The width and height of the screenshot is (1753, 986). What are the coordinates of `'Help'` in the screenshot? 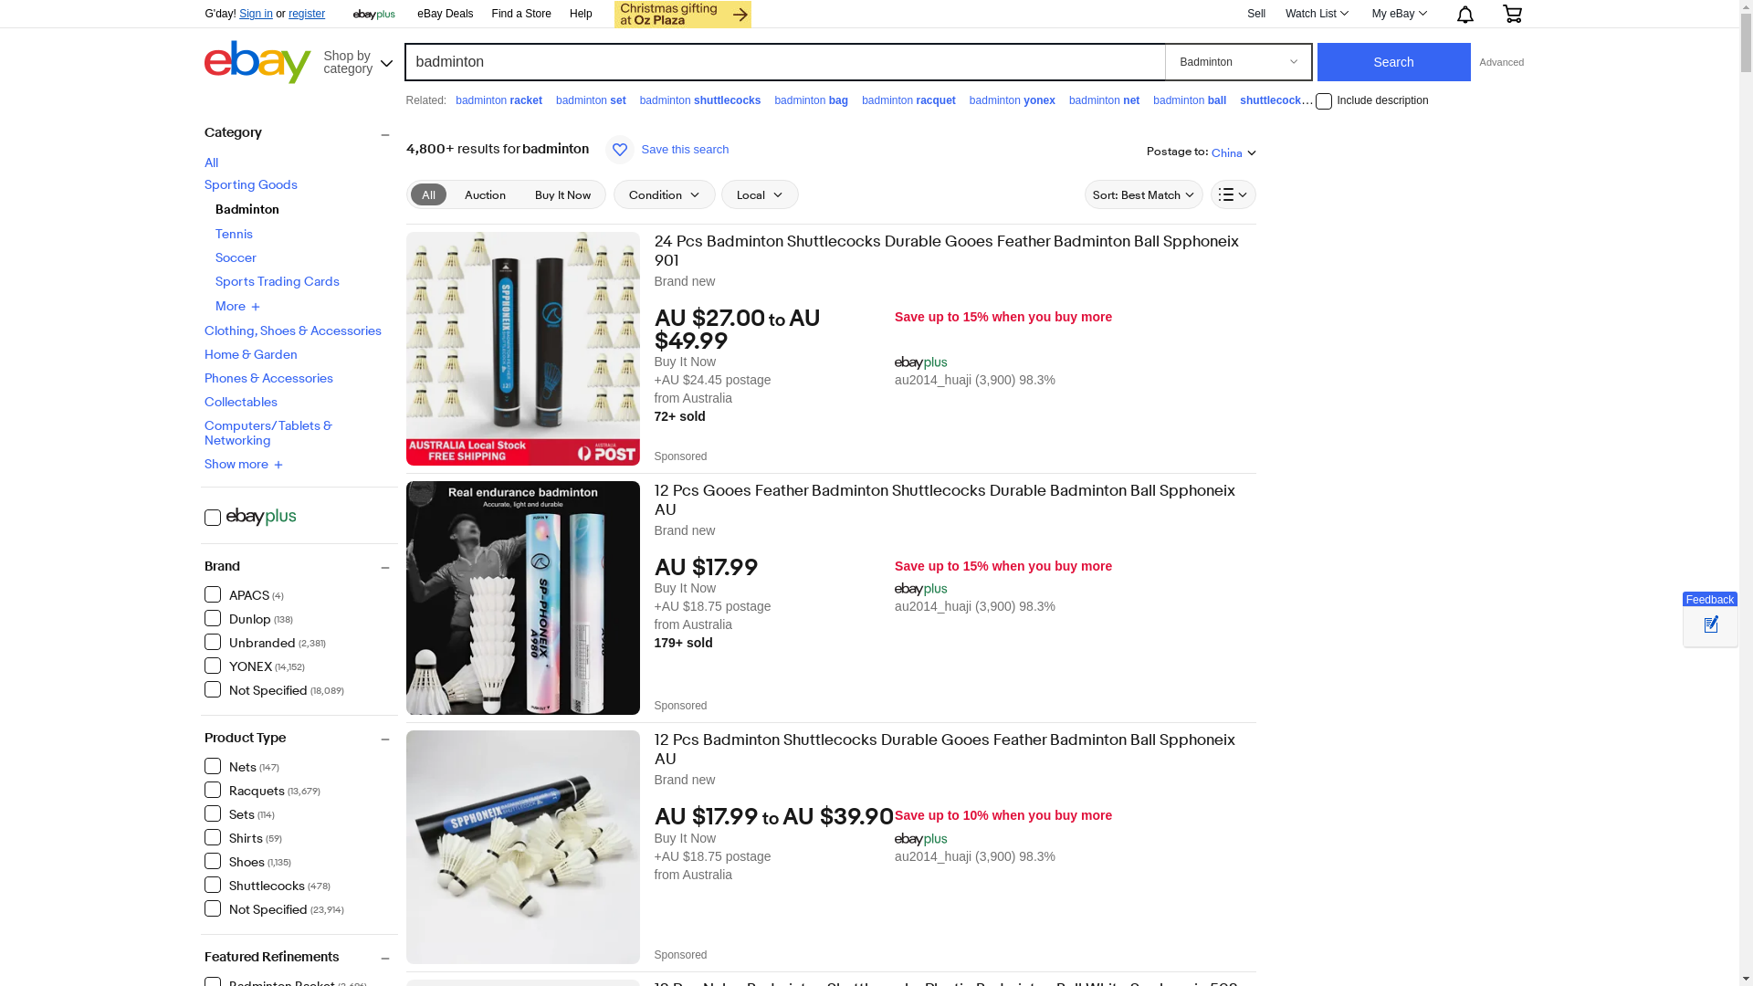 It's located at (580, 14).